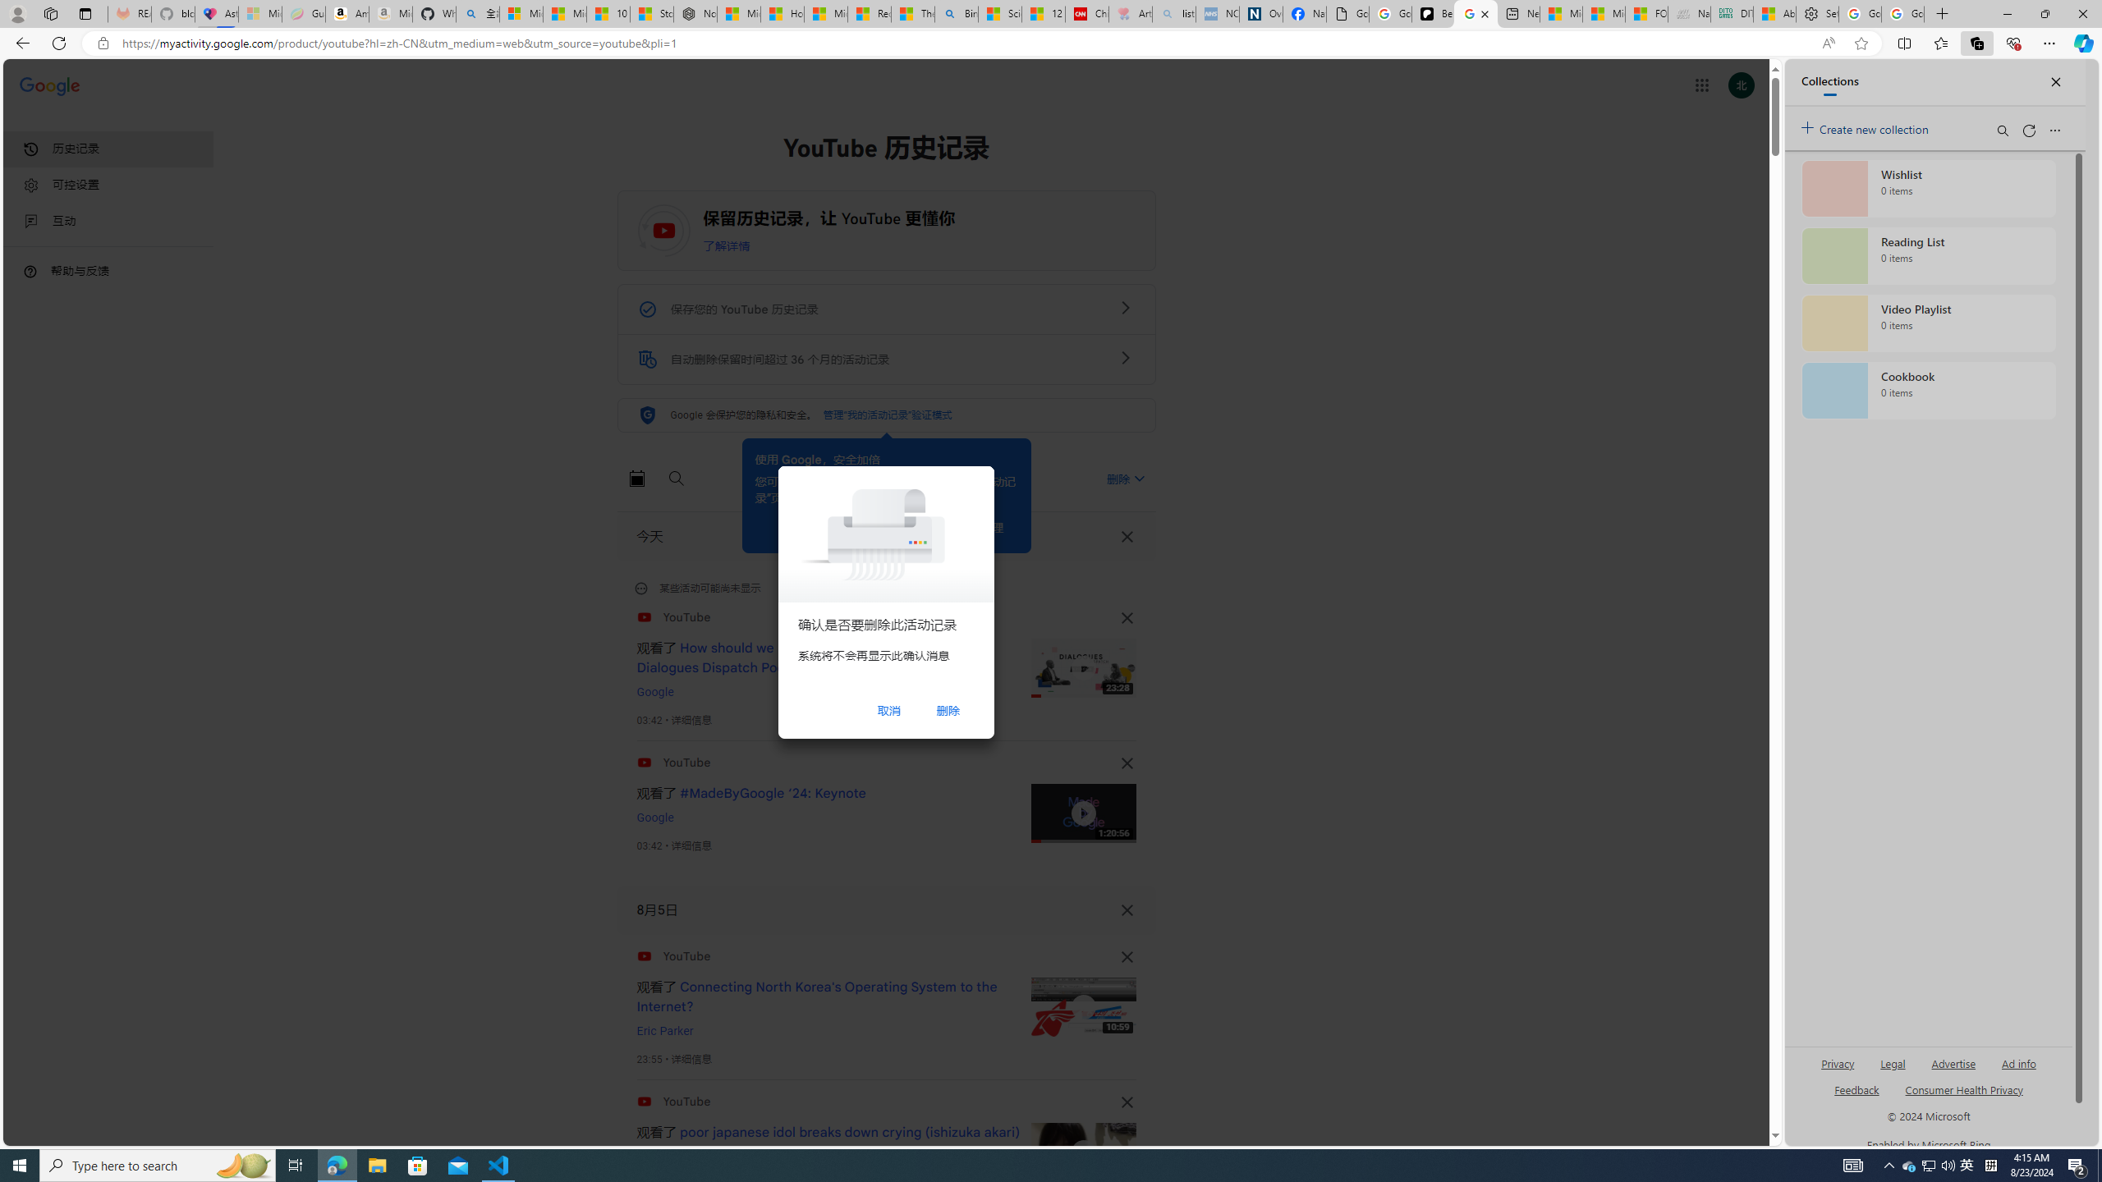 The image size is (2102, 1182). Describe the element at coordinates (1348, 13) in the screenshot. I see `'Google Analytics Opt-out Browser Add-on Download Page'` at that location.